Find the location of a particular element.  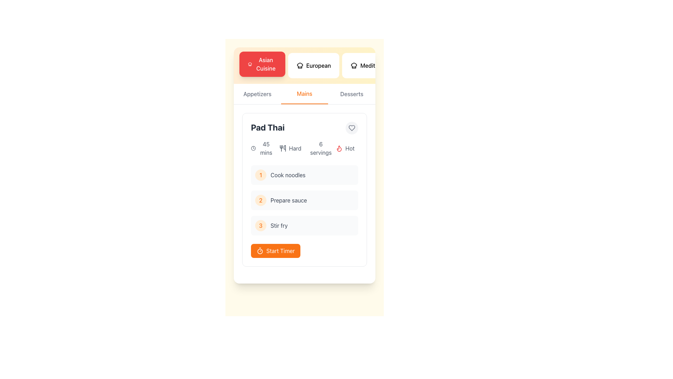

the 'Asian Cuisine' icon, which is a decorative element aligned vertically with the text label on the button is located at coordinates (250, 64).